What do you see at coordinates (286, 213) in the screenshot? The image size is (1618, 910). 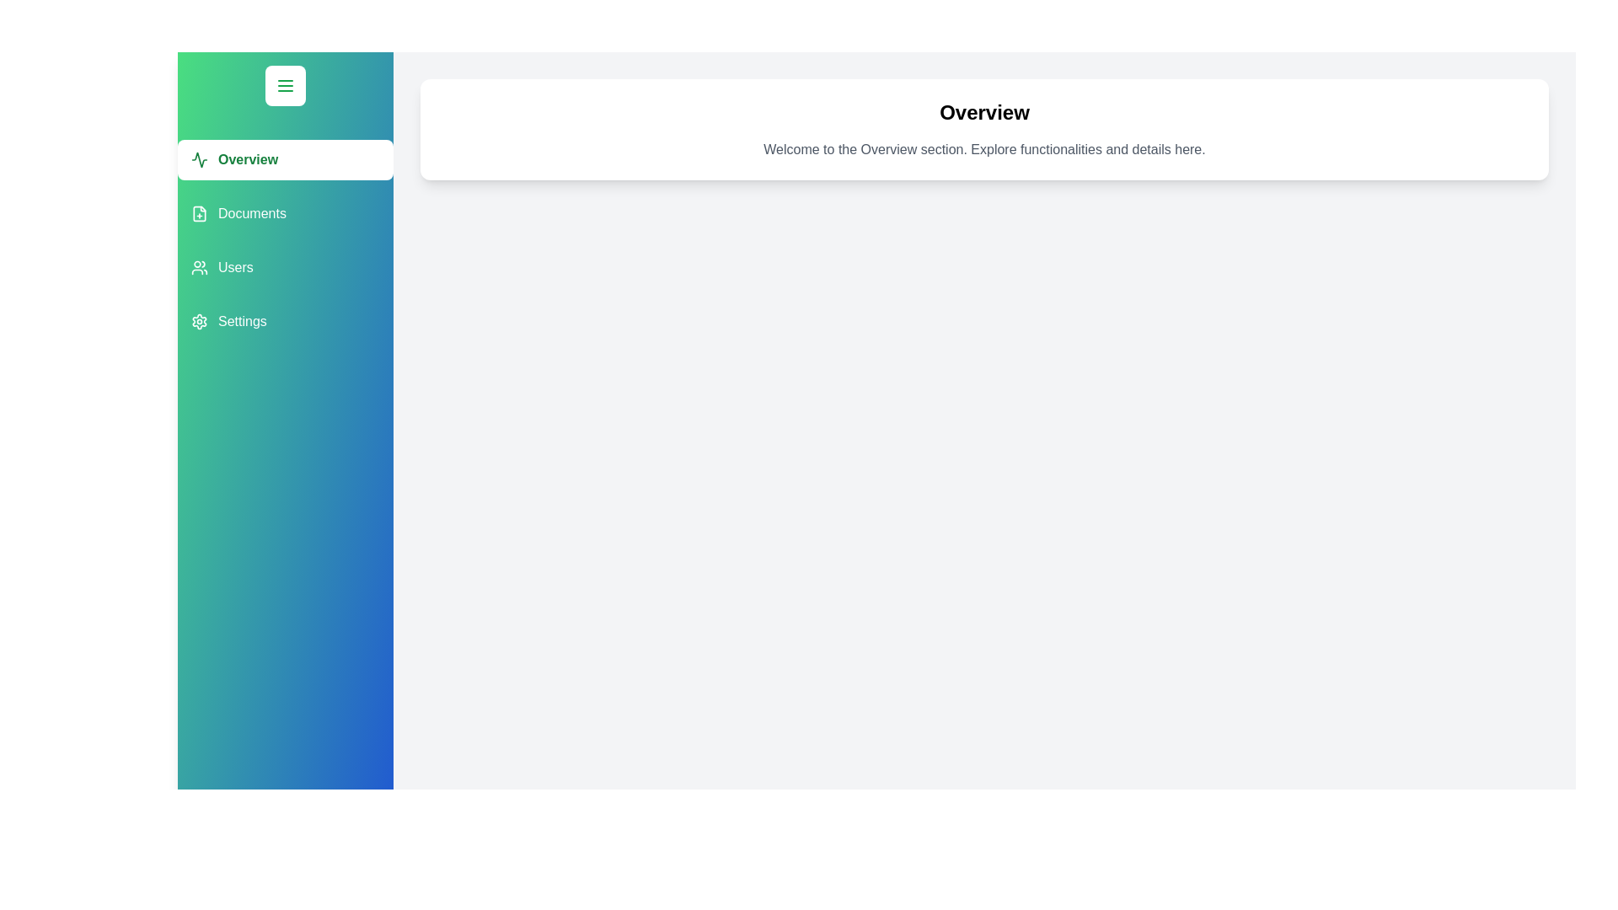 I see `the section Documents in the drawer to navigate to it` at bounding box center [286, 213].